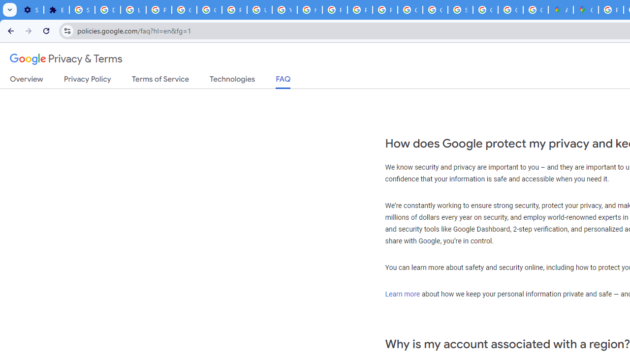 Image resolution: width=630 pixels, height=354 pixels. What do you see at coordinates (31, 10) in the screenshot?
I see `'Settings - On startup'` at bounding box center [31, 10].